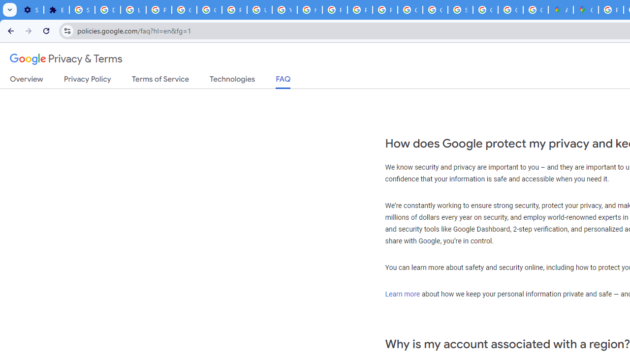 Image resolution: width=630 pixels, height=354 pixels. What do you see at coordinates (31, 10) in the screenshot?
I see `'Settings - On startup'` at bounding box center [31, 10].